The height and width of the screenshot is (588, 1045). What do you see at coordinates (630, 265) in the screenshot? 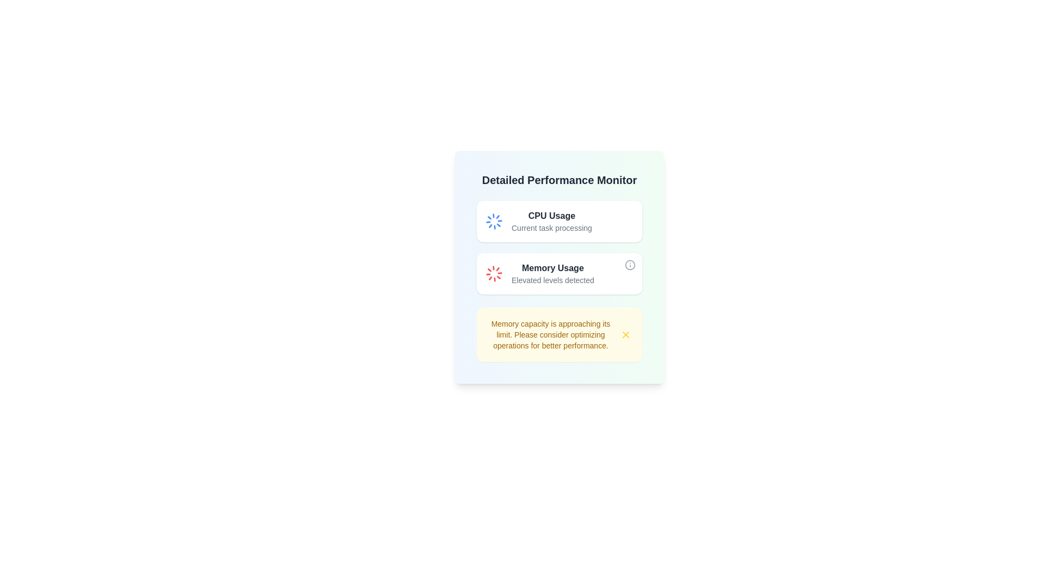
I see `the circular icon button in the top-right corner of the 'Memory Usage' card` at bounding box center [630, 265].